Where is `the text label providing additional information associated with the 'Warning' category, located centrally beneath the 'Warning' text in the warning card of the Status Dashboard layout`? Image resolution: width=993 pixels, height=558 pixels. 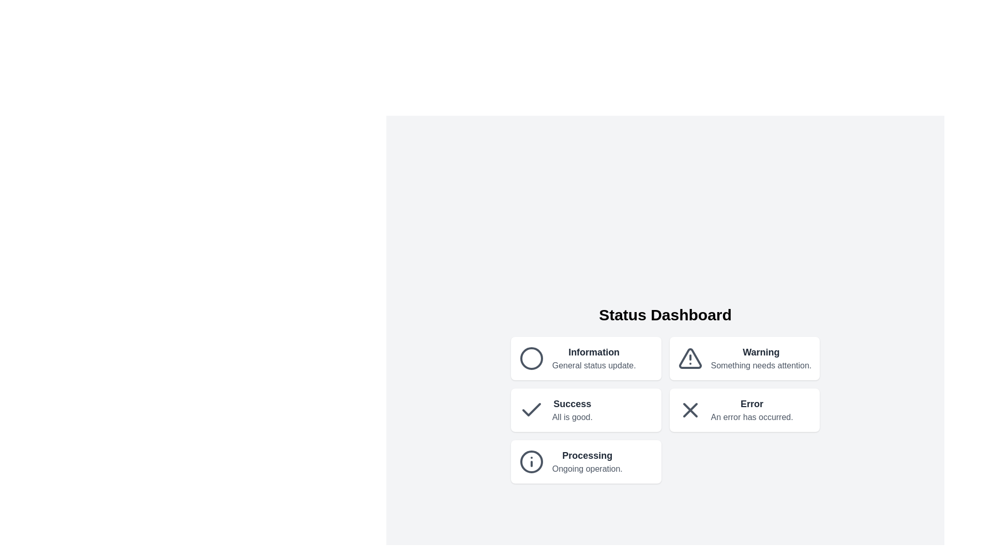
the text label providing additional information associated with the 'Warning' category, located centrally beneath the 'Warning' text in the warning card of the Status Dashboard layout is located at coordinates (761, 365).